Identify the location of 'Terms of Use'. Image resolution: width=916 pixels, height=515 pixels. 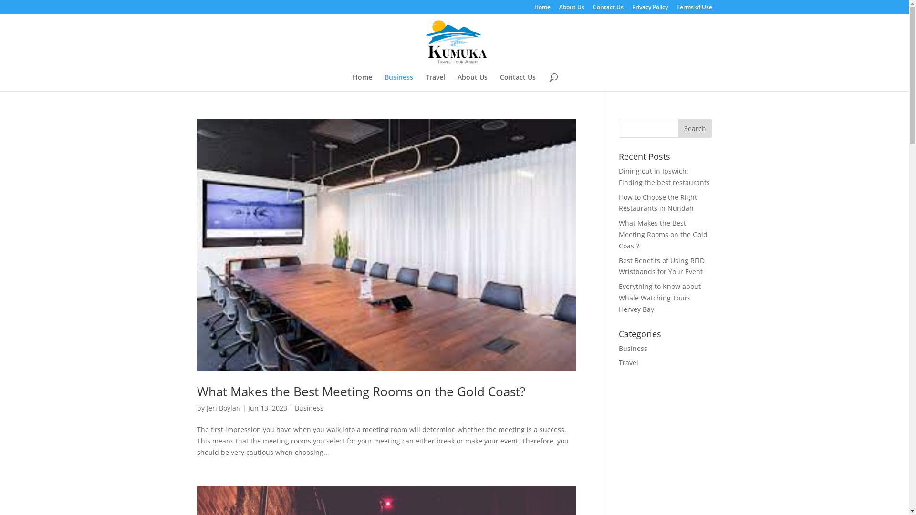
(694, 9).